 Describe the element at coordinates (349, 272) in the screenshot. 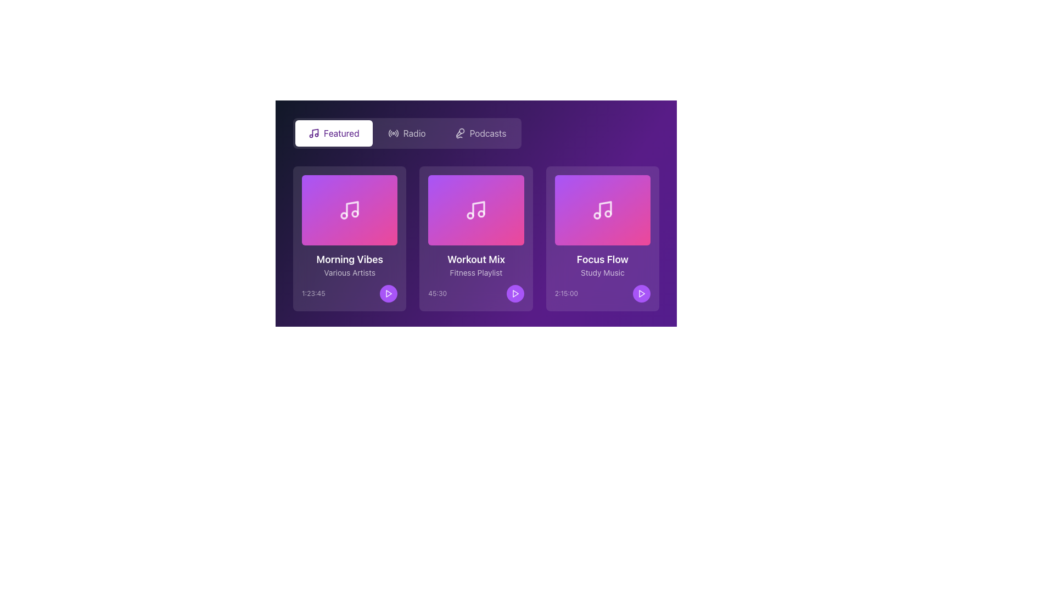

I see `the Text Label indicating 'Various Artists', which is located below the title 'Morning Vibes' and above the playback duration within the card` at that location.